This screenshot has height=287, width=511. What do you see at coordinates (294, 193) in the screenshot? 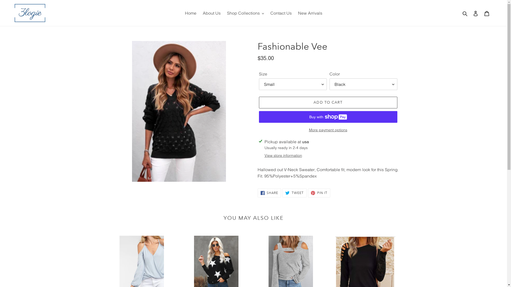
I see `'TWEET` at bounding box center [294, 193].